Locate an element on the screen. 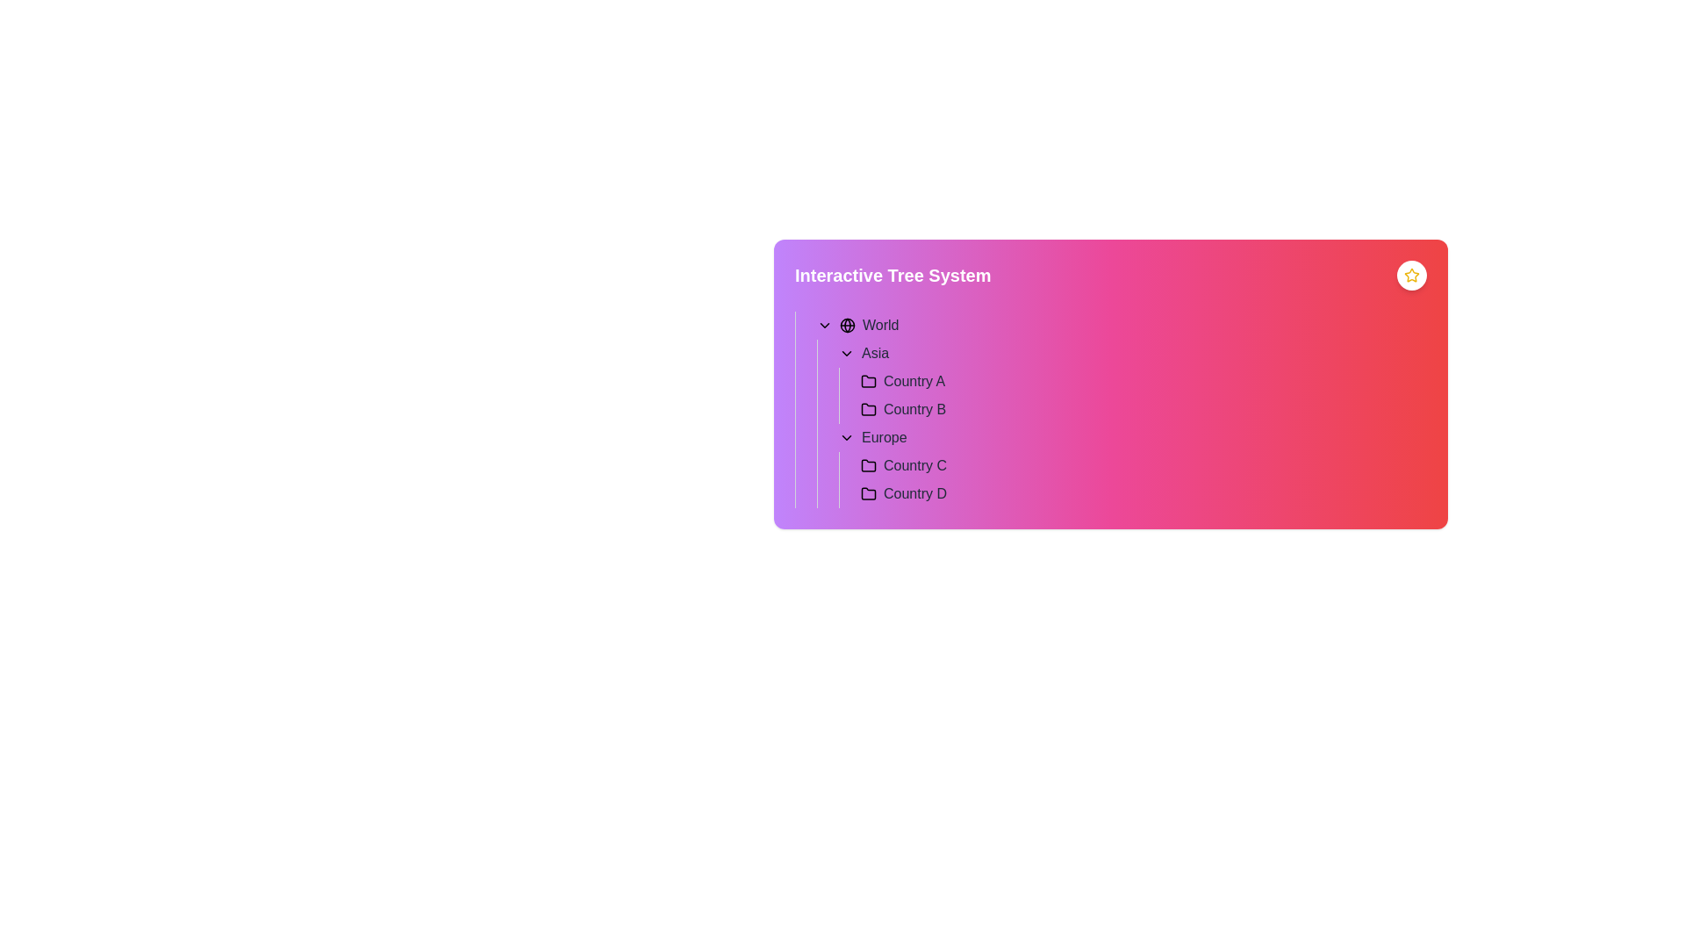 This screenshot has height=948, width=1685. the first Tree Item under the 'Europe' section is located at coordinates (1133, 465).